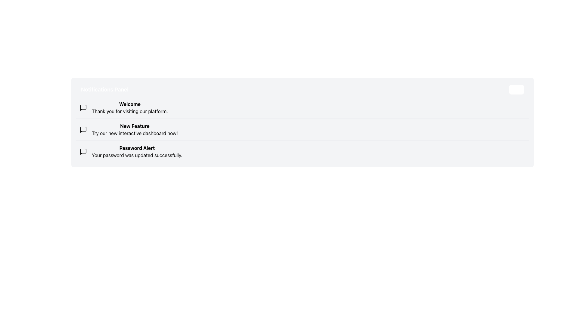  What do you see at coordinates (83, 107) in the screenshot?
I see `the notification SVG icon located to the left of the 'Welcome' text in the notification panel` at bounding box center [83, 107].